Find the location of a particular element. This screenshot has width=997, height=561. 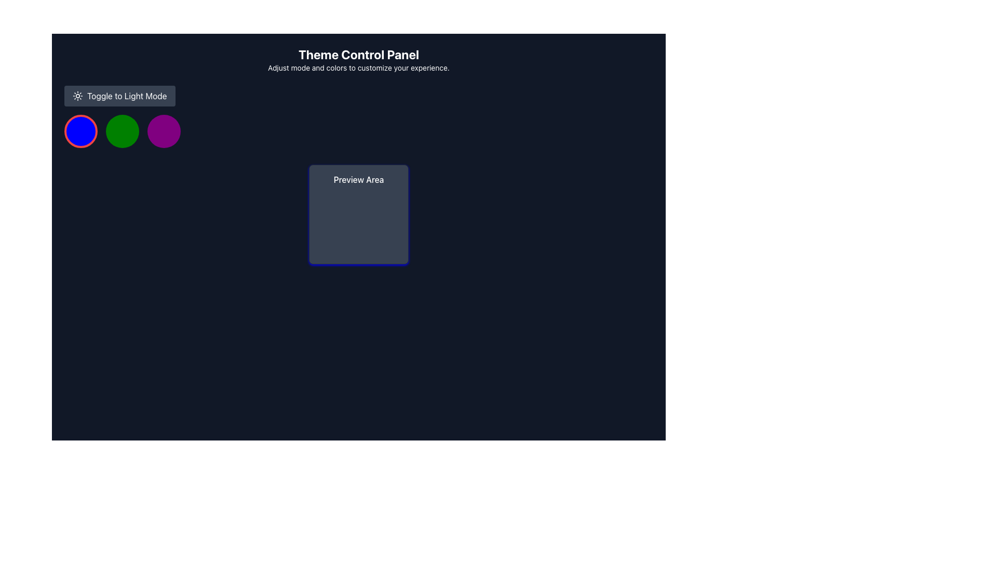

the 'Toggle to Light Mode' button, which has a dark gray background and white text, styled with a rounded rectangle shape, located below the 'Theme Control Panel' heading is located at coordinates (119, 96).